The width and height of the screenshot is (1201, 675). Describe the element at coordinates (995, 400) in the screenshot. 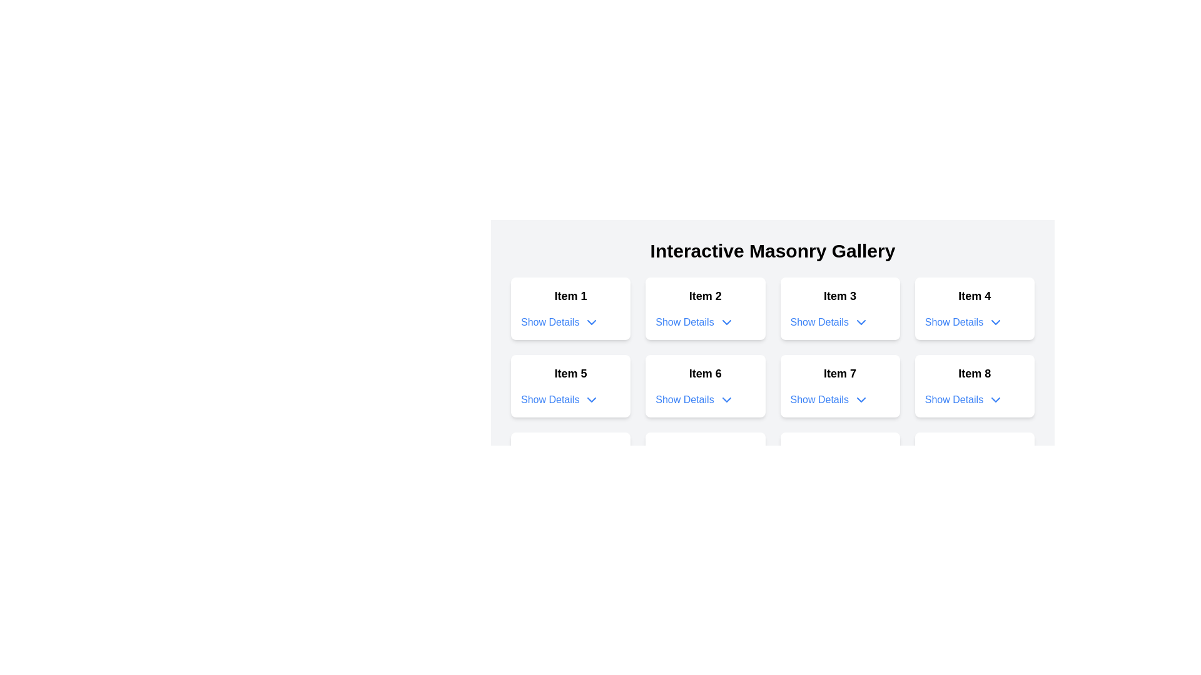

I see `the Chevron Down Icon located in the eighth section labeled 'Item 8'` at that location.